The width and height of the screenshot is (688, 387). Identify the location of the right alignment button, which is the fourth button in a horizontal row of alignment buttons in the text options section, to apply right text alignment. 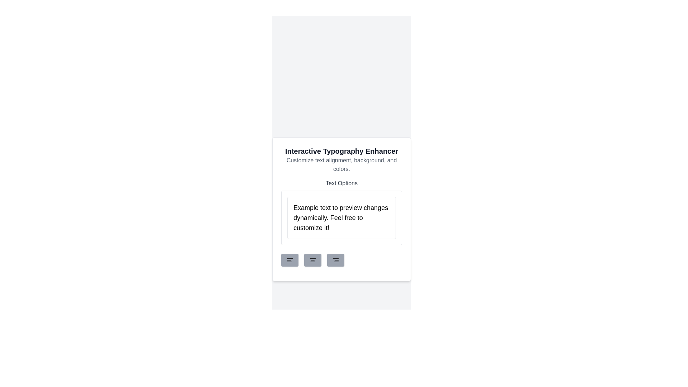
(335, 260).